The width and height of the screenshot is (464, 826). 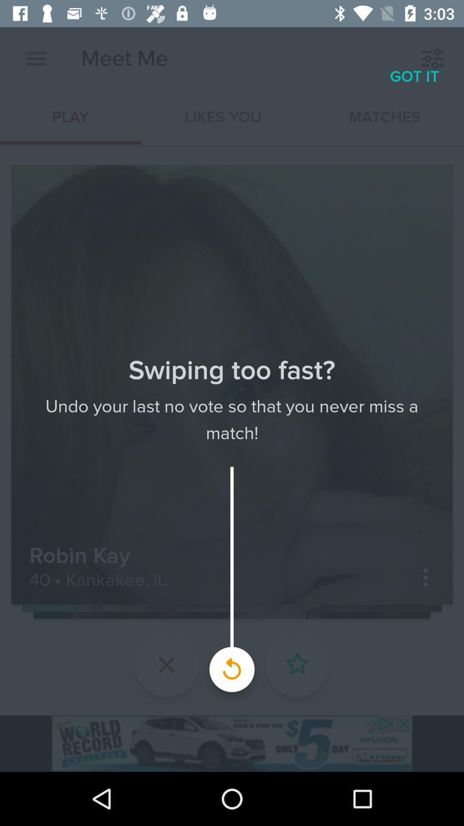 What do you see at coordinates (166, 664) in the screenshot?
I see `the close icon` at bounding box center [166, 664].